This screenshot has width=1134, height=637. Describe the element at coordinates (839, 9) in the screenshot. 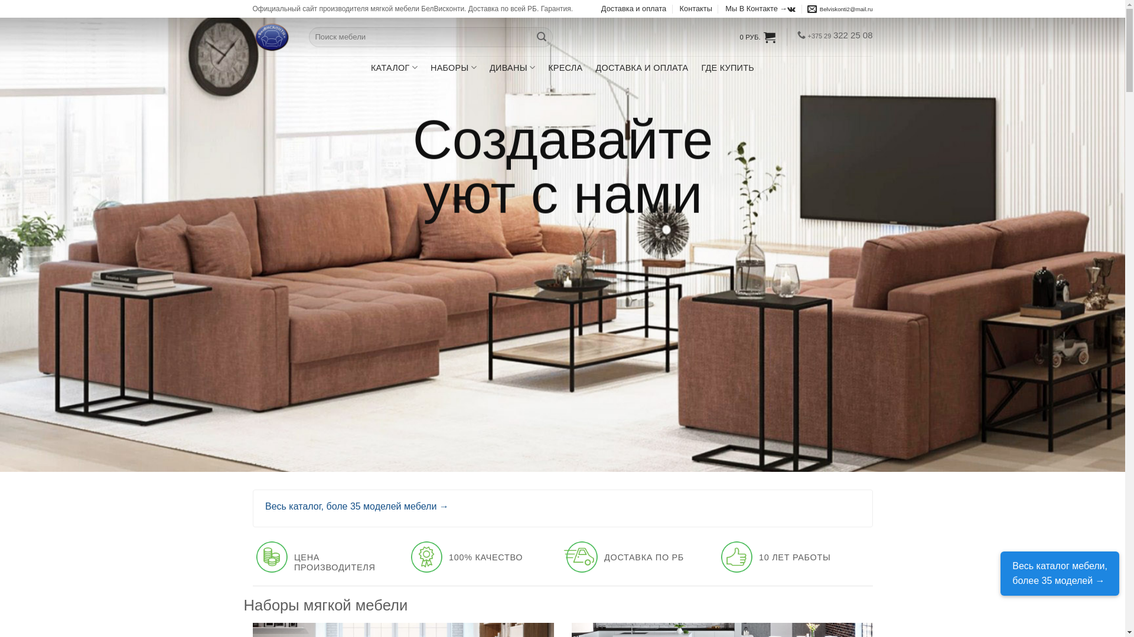

I see `'Belviskonti2@mail.ru'` at that location.